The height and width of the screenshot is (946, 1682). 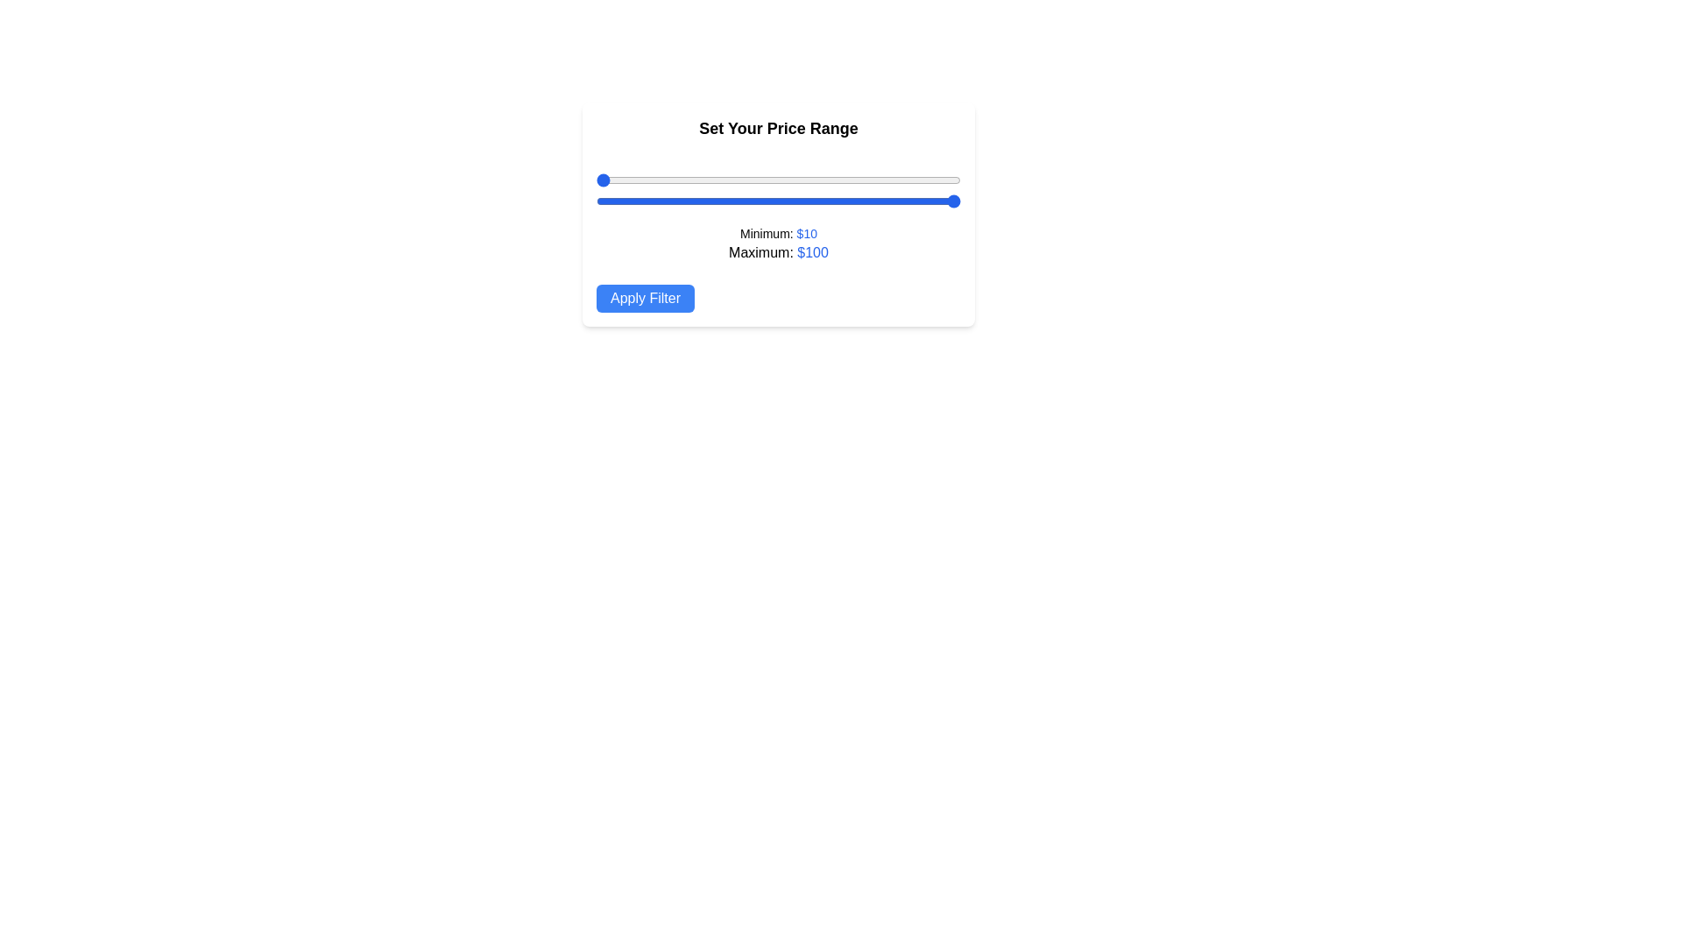 What do you see at coordinates (814, 201) in the screenshot?
I see `the slider` at bounding box center [814, 201].